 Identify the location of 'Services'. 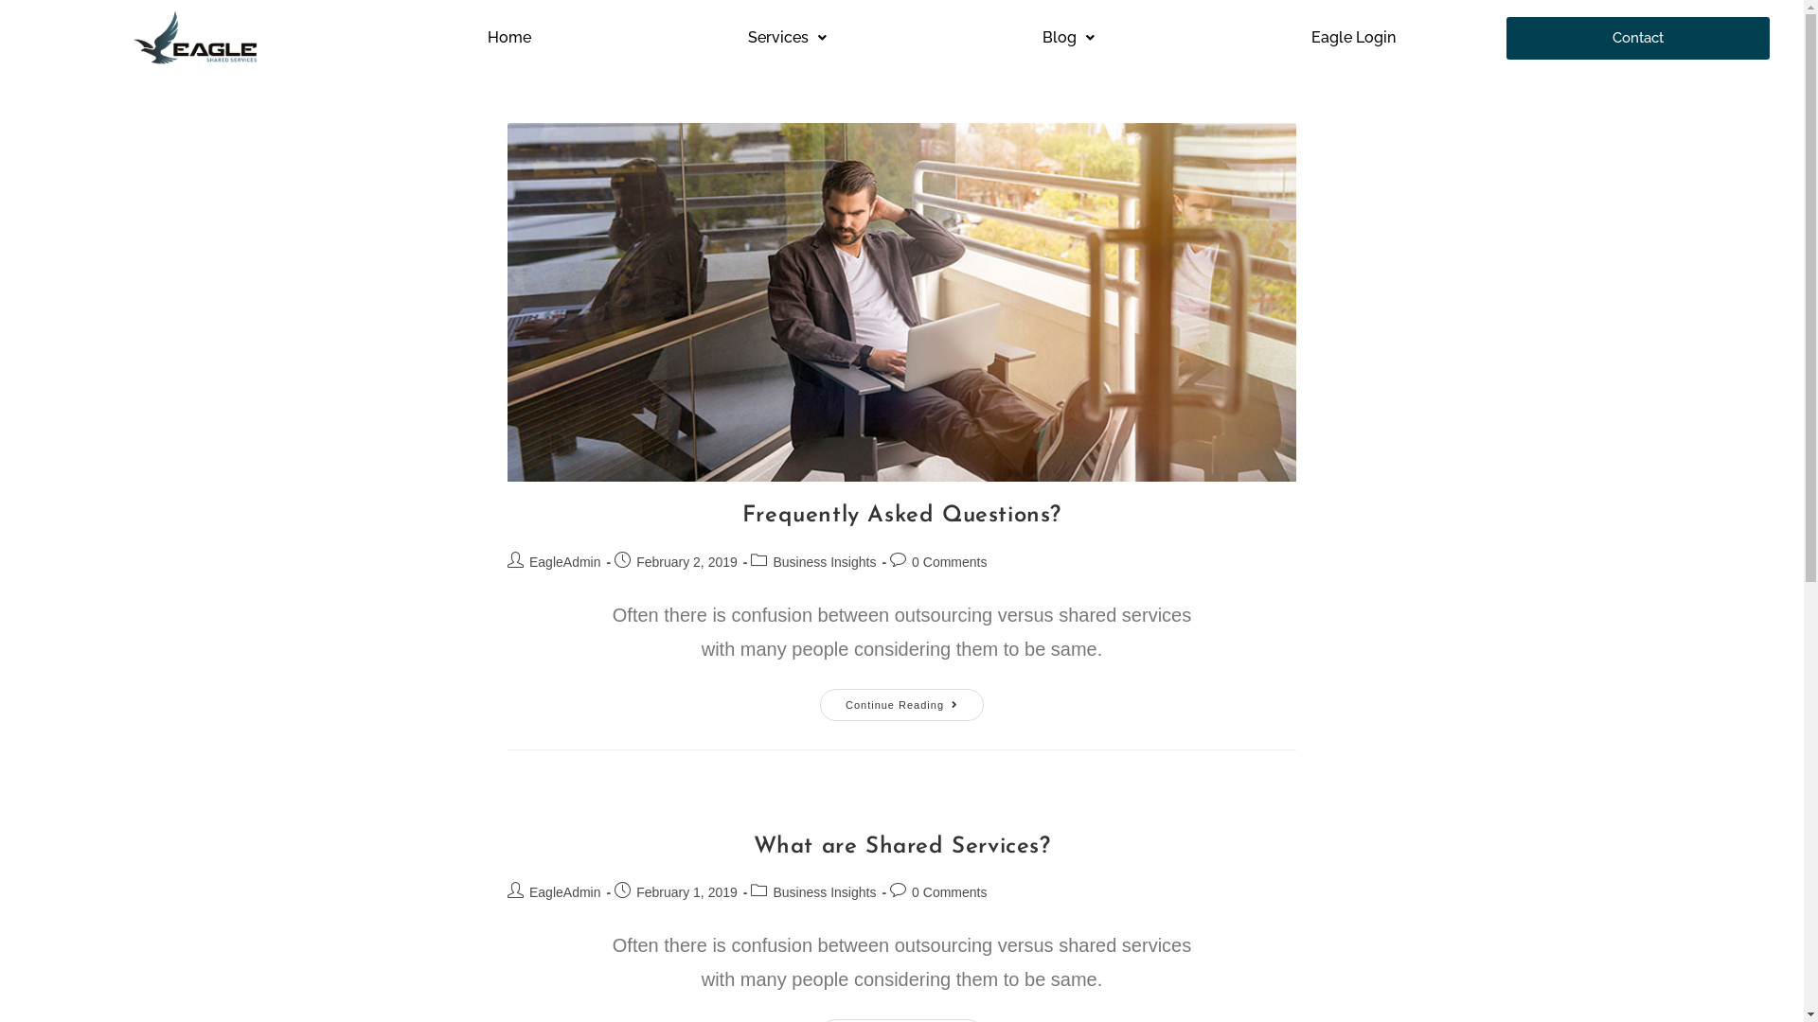
(787, 37).